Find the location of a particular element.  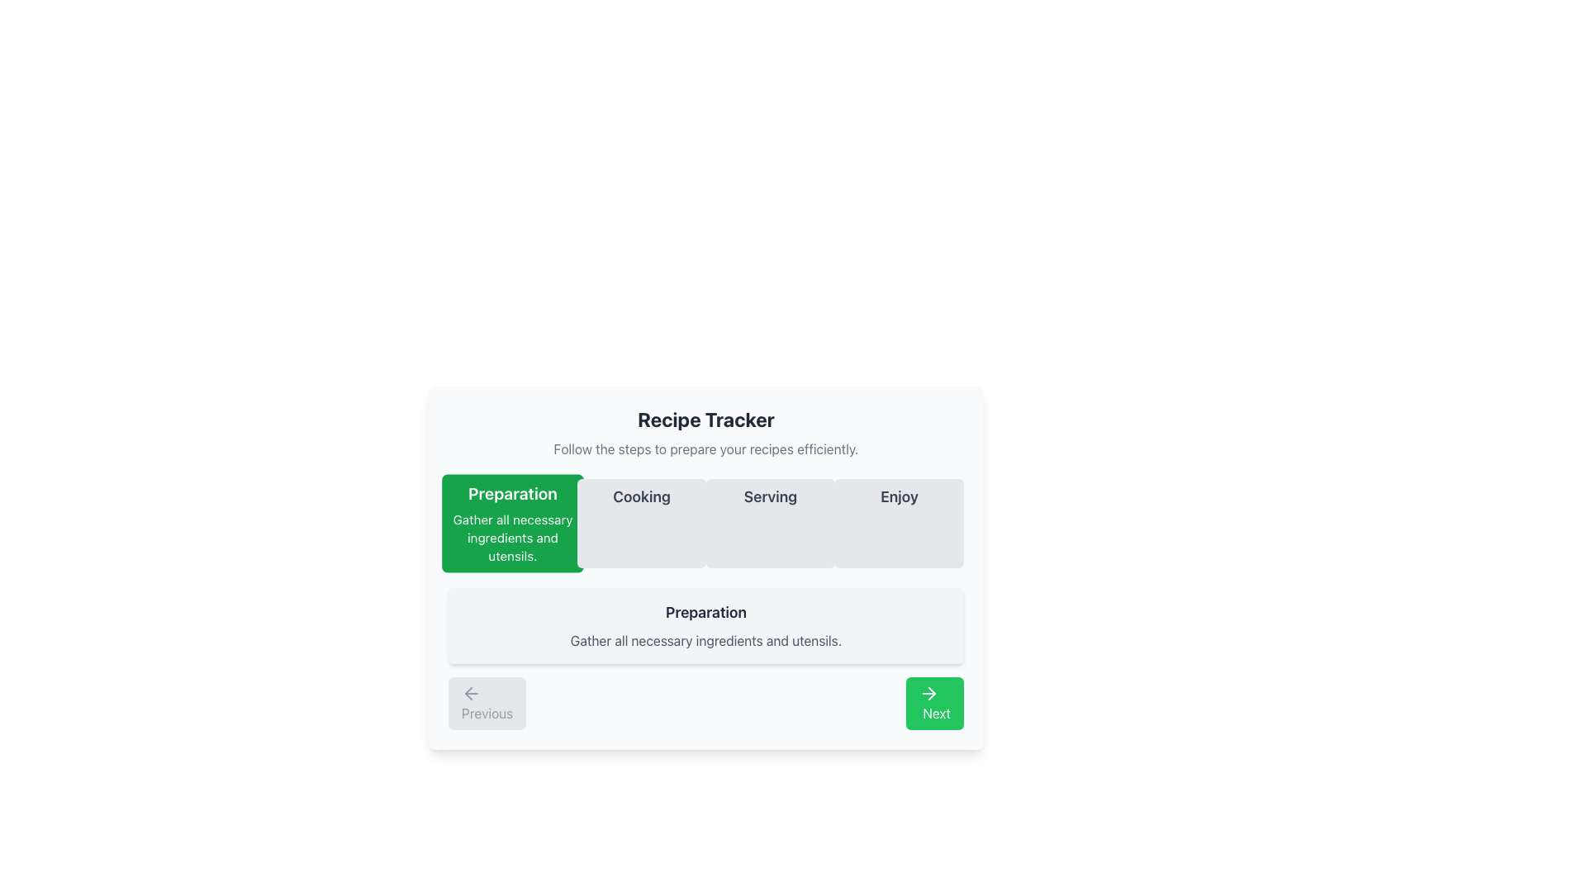

the right-pointing arrow icon is located at coordinates (929, 694).